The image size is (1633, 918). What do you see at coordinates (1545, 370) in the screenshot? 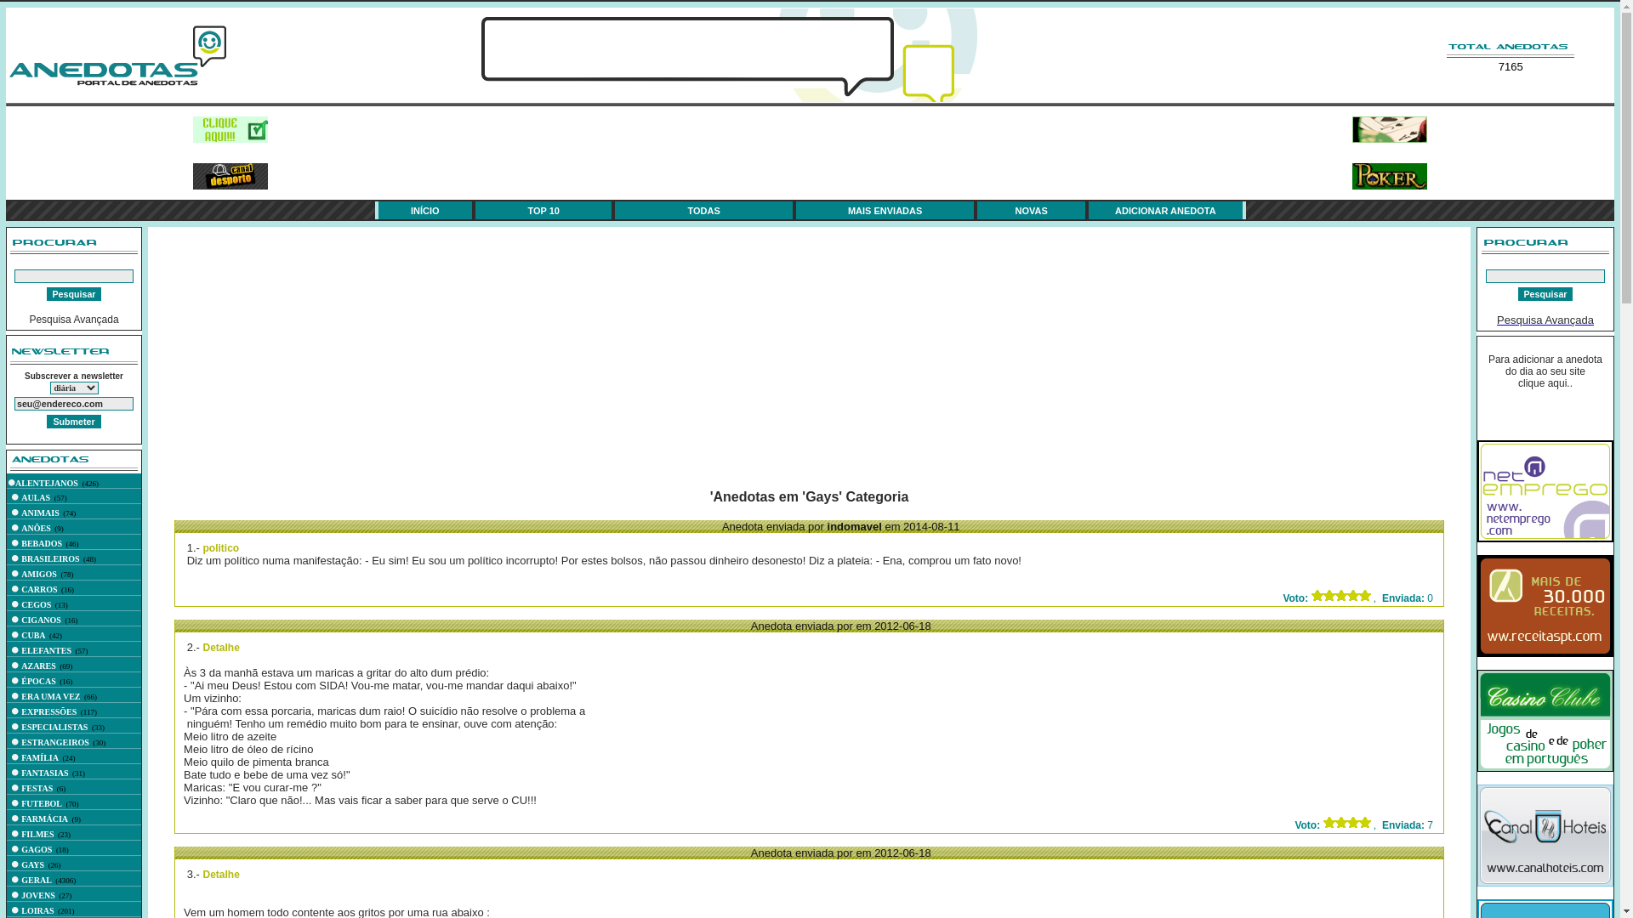
I see `'Para adicionar a anedota` at bounding box center [1545, 370].